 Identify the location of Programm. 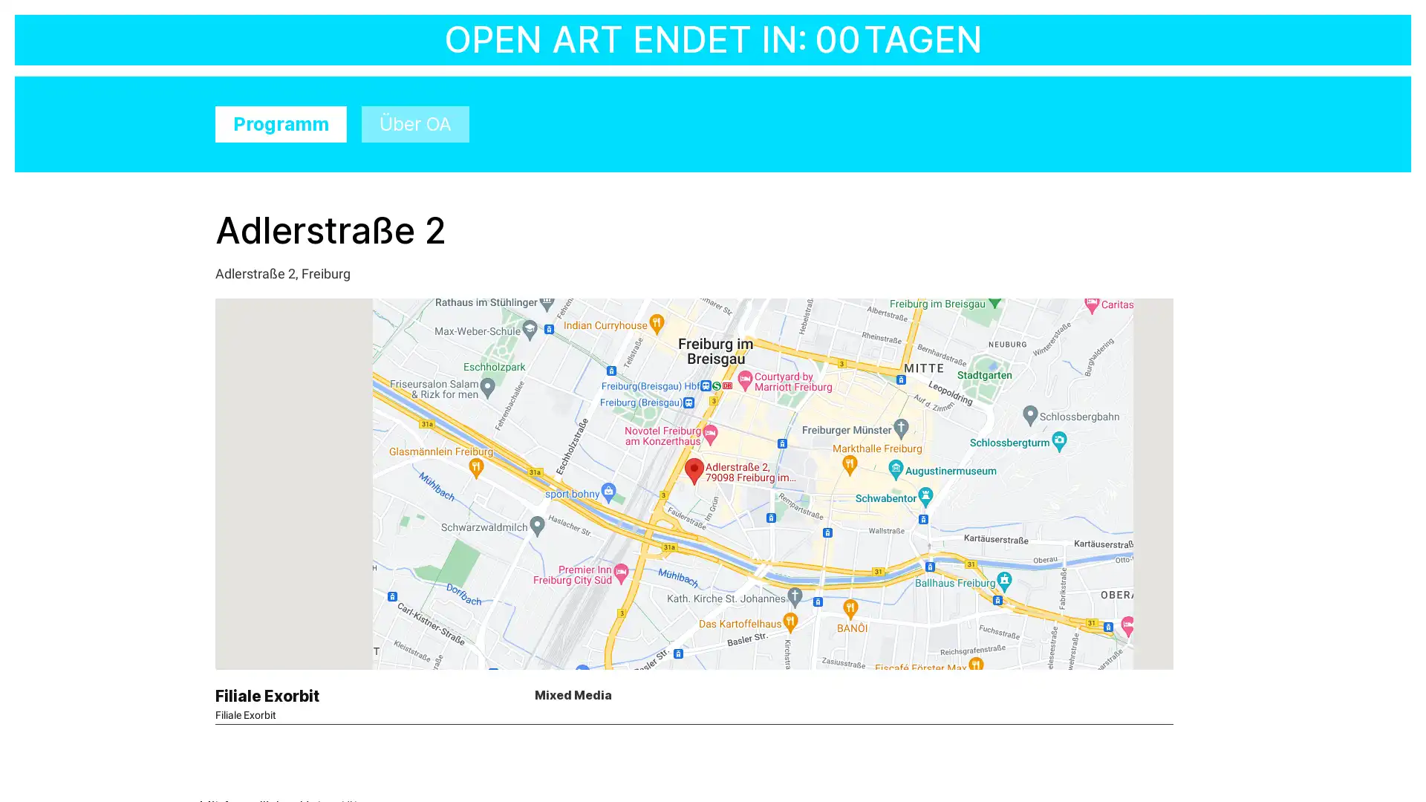
(281, 123).